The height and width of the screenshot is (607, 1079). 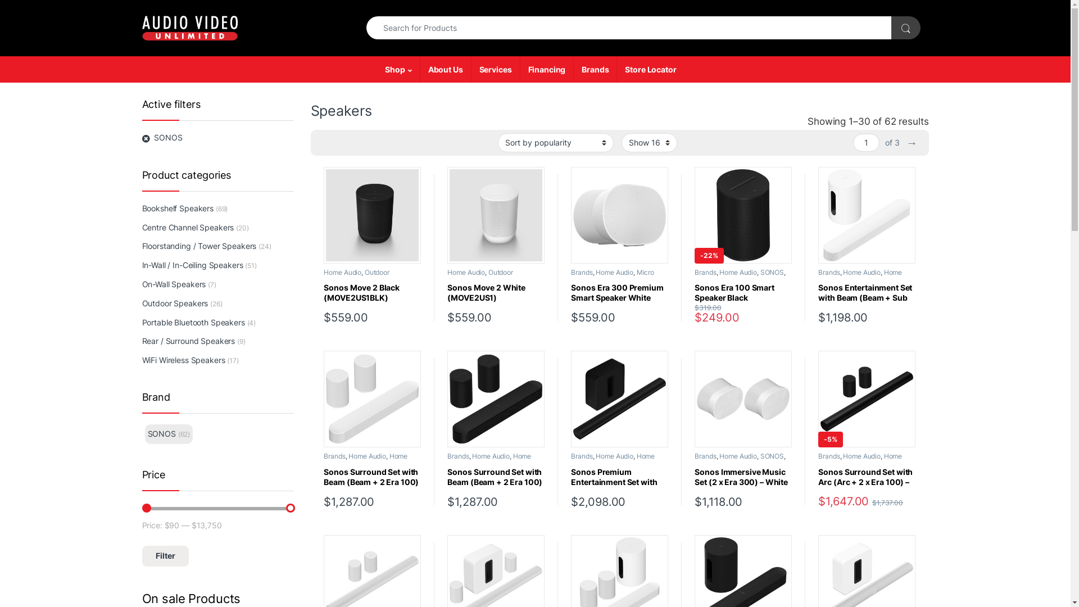 What do you see at coordinates (188, 340) in the screenshot?
I see `'Rear / Surround Speakers'` at bounding box center [188, 340].